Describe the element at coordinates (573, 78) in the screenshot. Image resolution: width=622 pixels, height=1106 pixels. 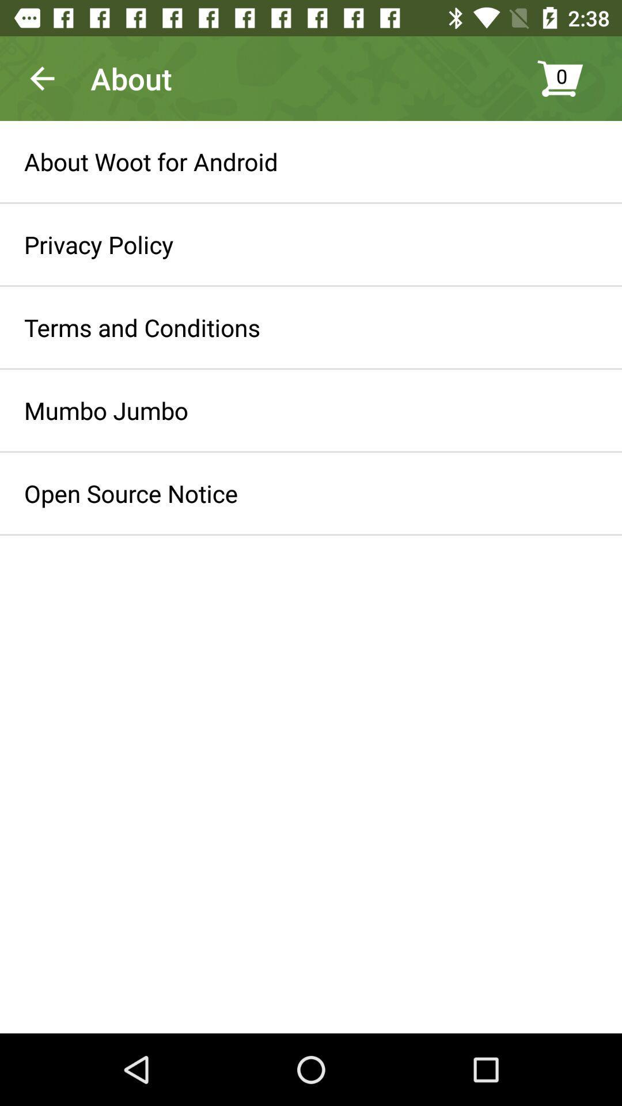
I see `0 icon` at that location.